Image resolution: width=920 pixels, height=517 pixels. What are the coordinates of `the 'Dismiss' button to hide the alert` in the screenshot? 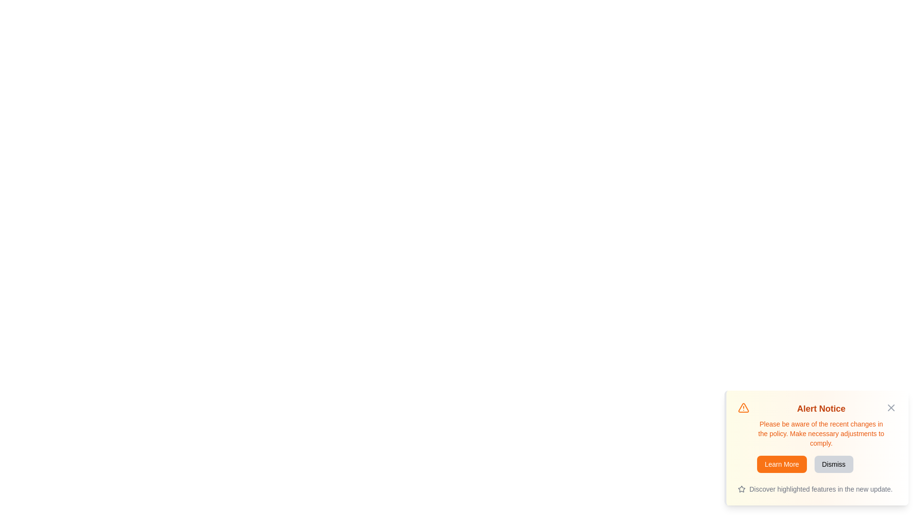 It's located at (833, 463).